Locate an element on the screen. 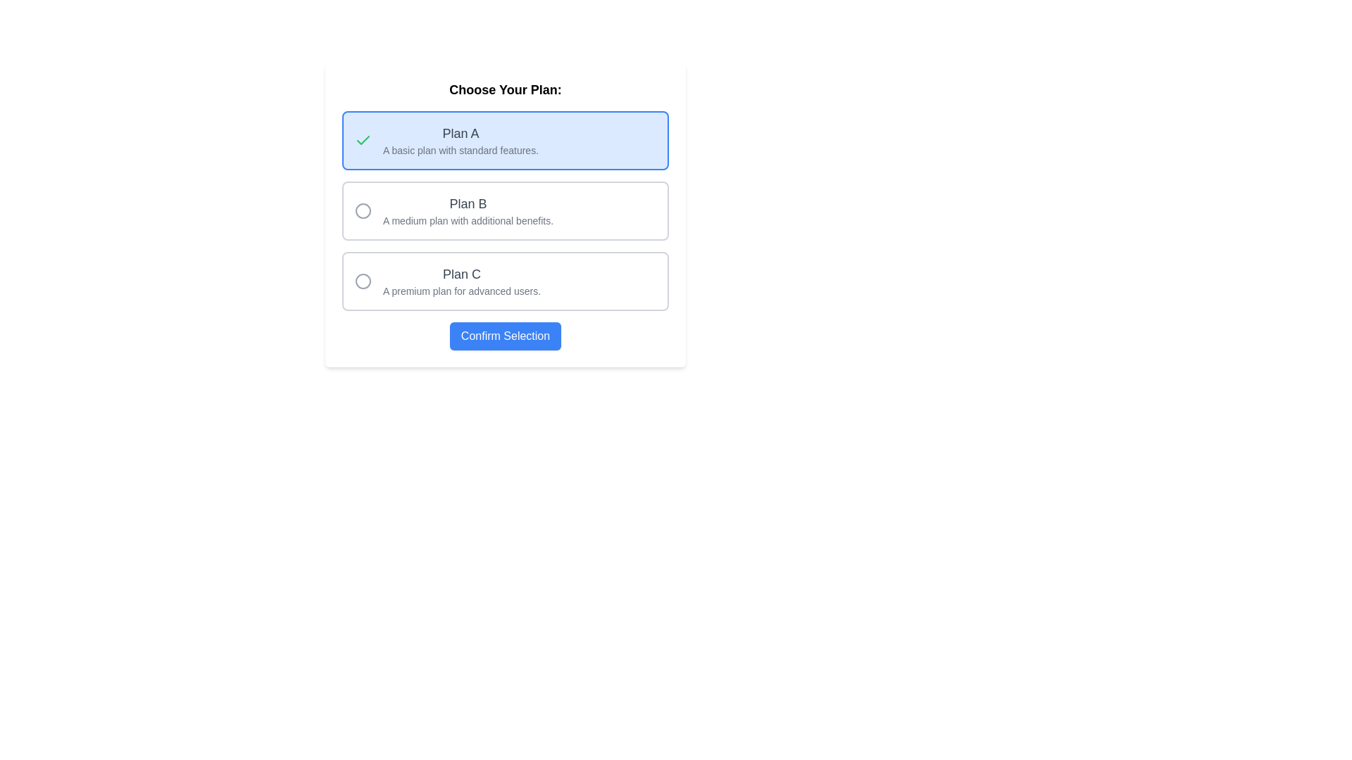 Image resolution: width=1352 pixels, height=760 pixels. the small green checkmark icon indicating the selected state for 'Plan A' is located at coordinates (363, 140).